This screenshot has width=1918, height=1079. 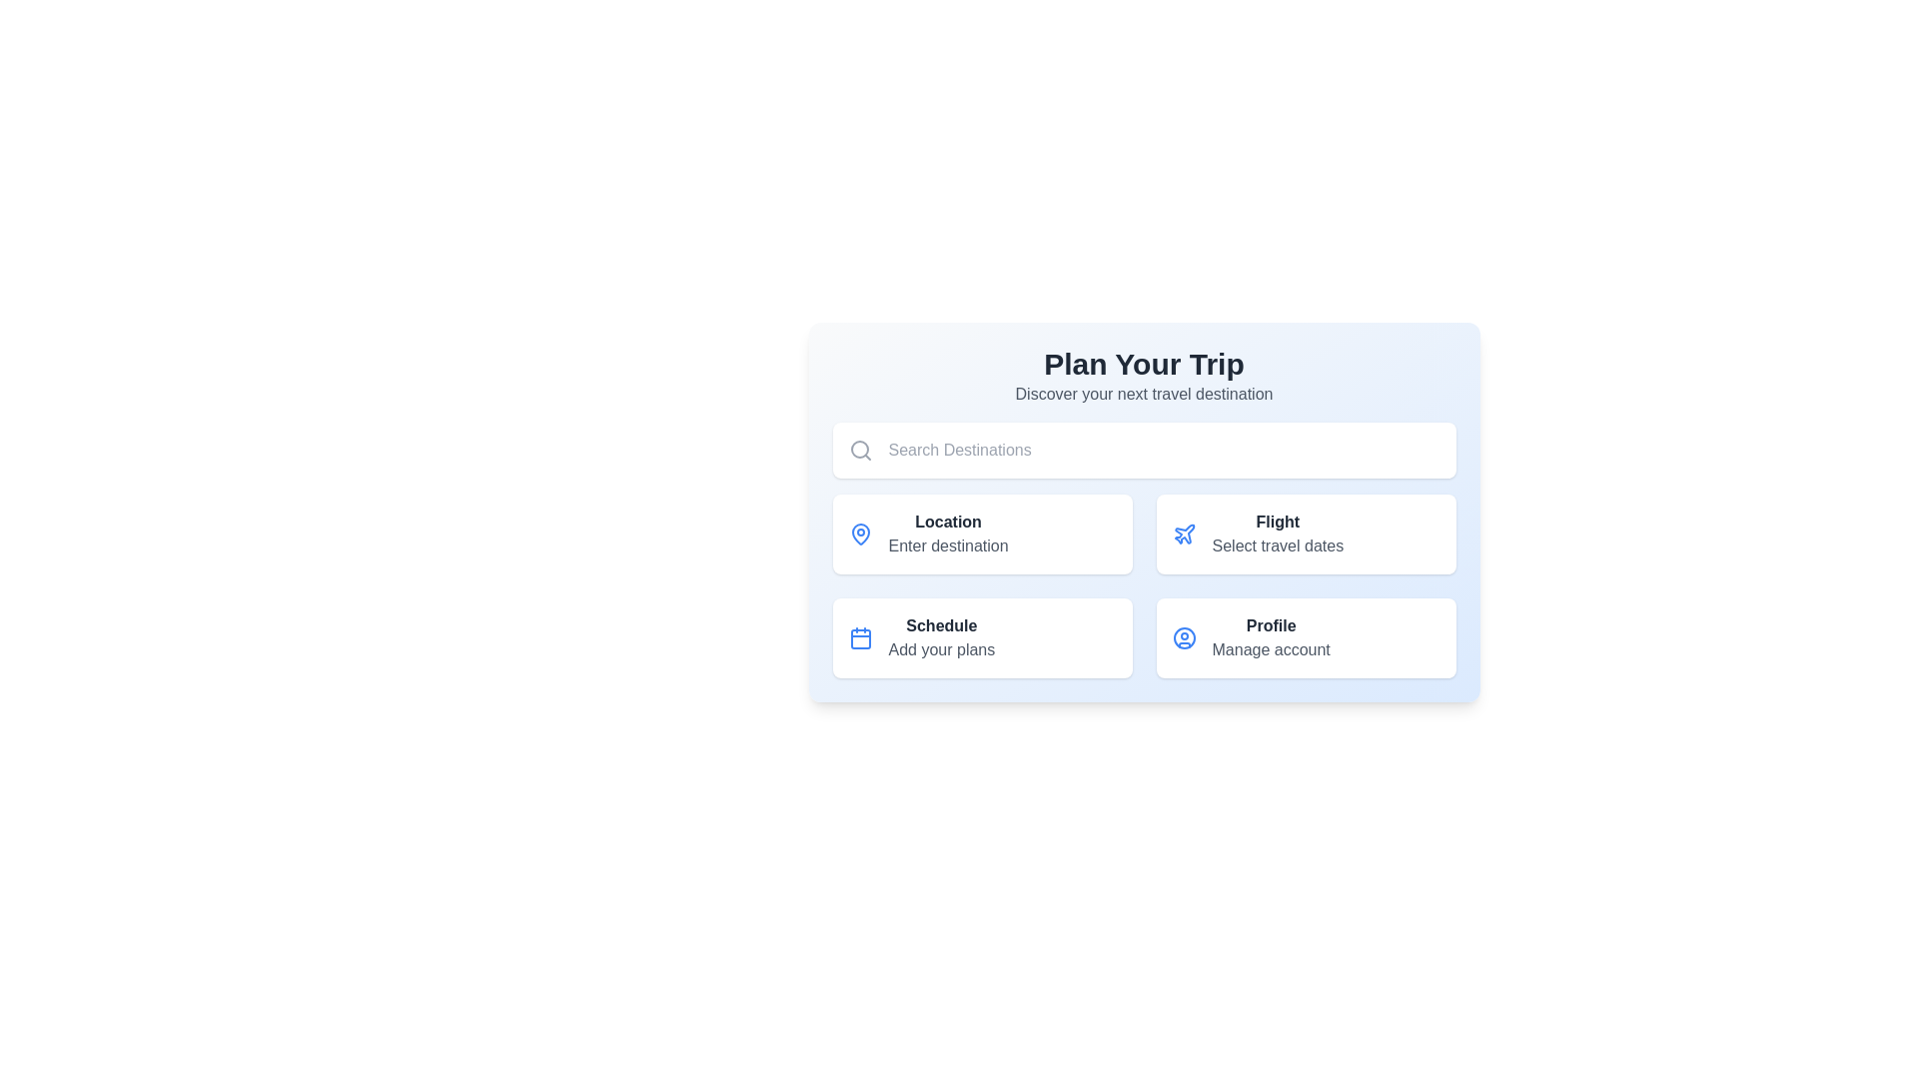 I want to click on the circular blue user icon located on the left side of the 'Profile Manage account' section, which is in the lower-right corner of the main interface under 'Plan Your Trip', so click(x=1184, y=638).